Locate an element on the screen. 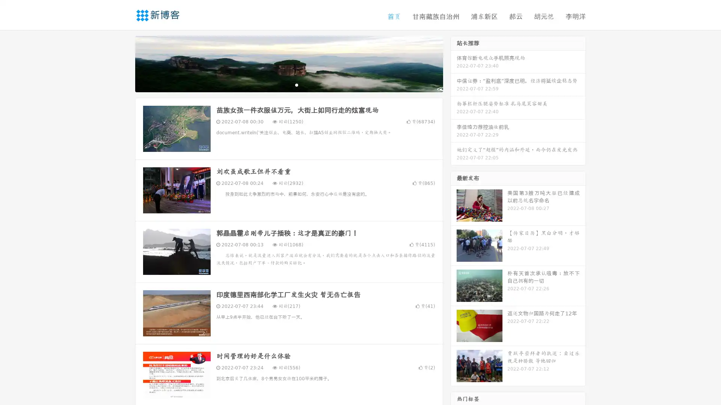  Go to slide 3 is located at coordinates (296, 84).